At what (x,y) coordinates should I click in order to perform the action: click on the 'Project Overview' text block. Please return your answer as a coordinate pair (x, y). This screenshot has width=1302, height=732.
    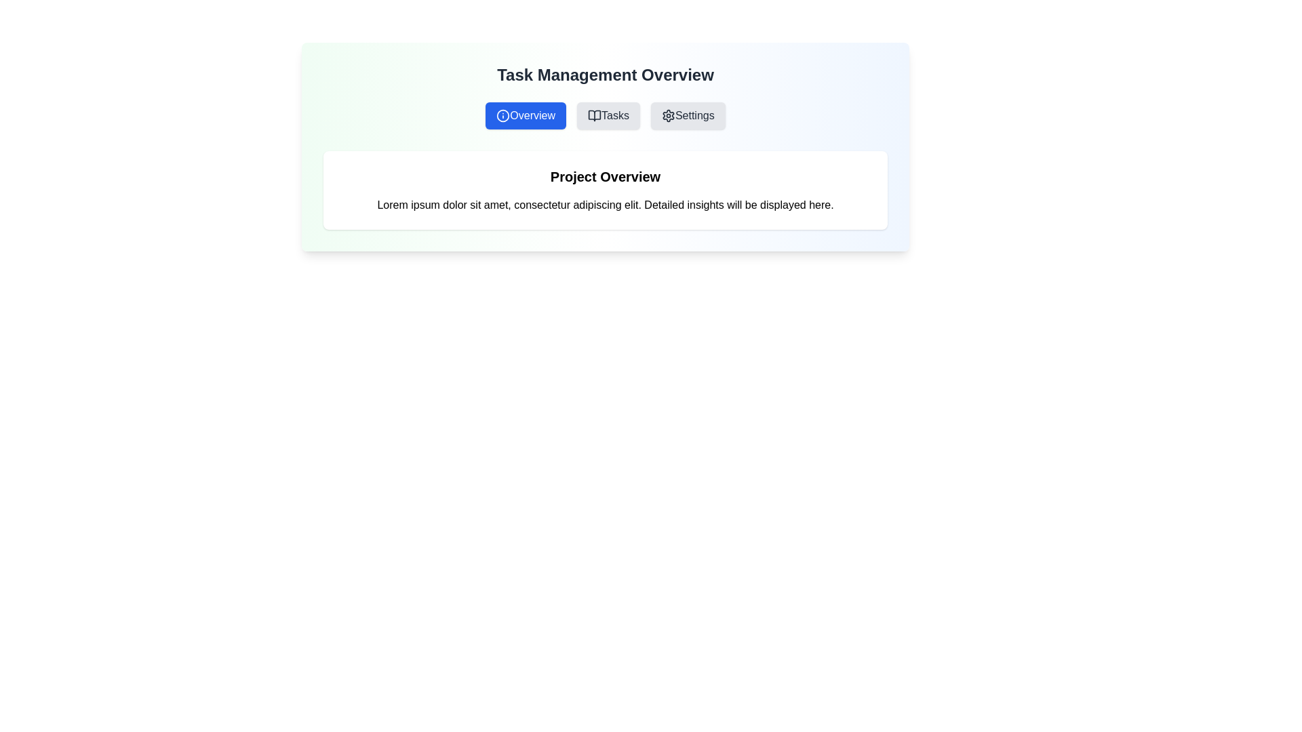
    Looking at the image, I should click on (604, 190).